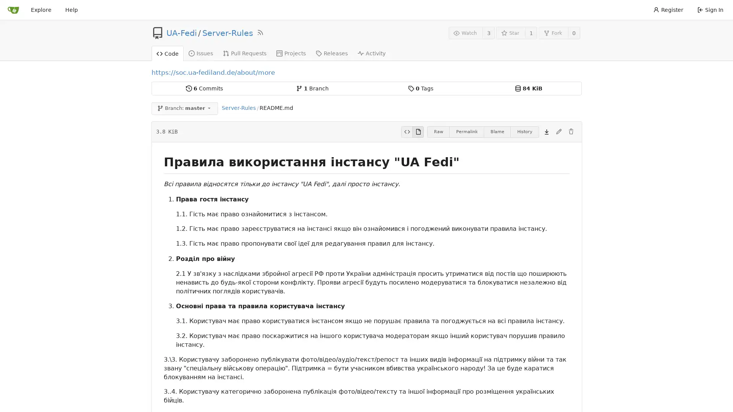 This screenshot has height=412, width=733. What do you see at coordinates (510, 32) in the screenshot?
I see `Star` at bounding box center [510, 32].